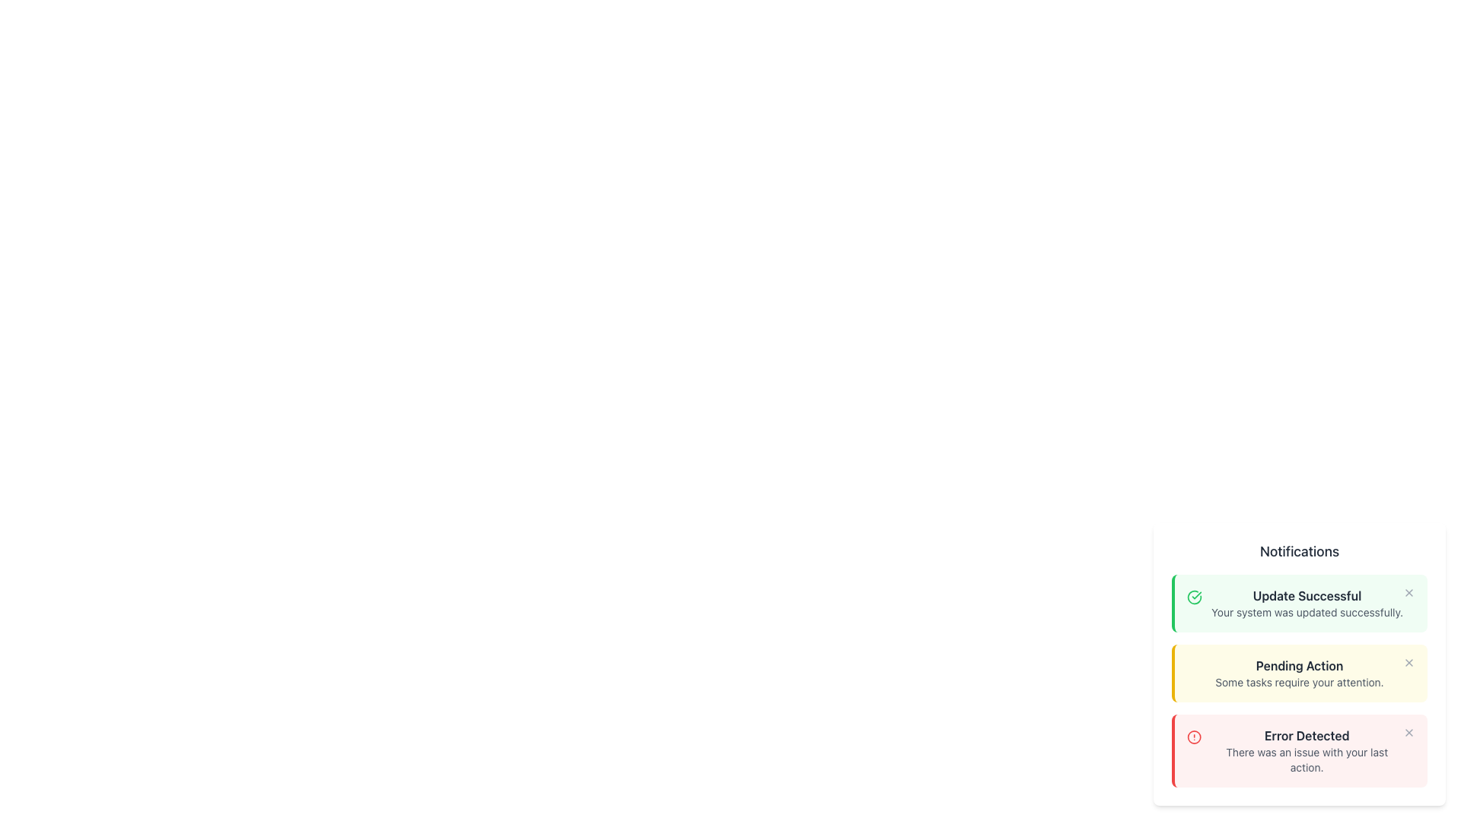 The width and height of the screenshot is (1461, 821). What do you see at coordinates (1299, 664) in the screenshot?
I see `text content of the Text Label located within the 'Pending Action' notification card, positioned below the 'Notifications' heading` at bounding box center [1299, 664].